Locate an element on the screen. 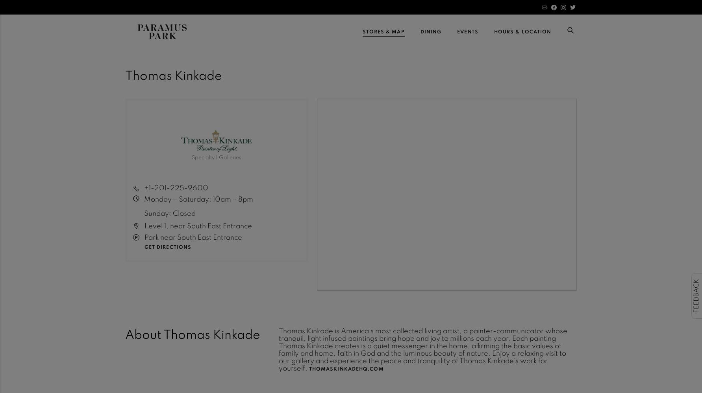 Image resolution: width=702 pixels, height=393 pixels. 'Thomas Kinkade' is located at coordinates (173, 76).